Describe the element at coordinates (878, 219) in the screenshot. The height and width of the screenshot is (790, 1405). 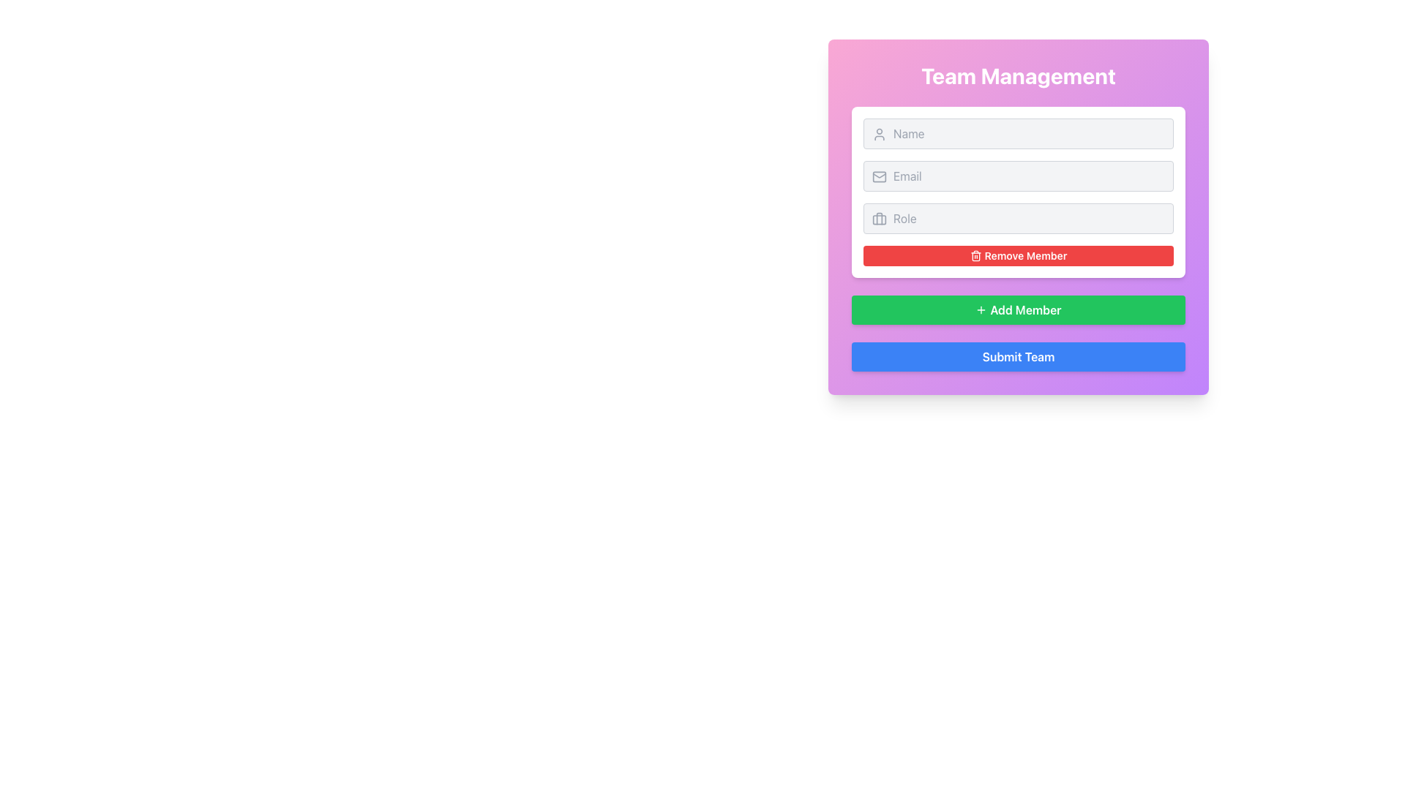
I see `the decorative icon located to the left of the 'Role' input field, which visually indicates its purpose` at that location.